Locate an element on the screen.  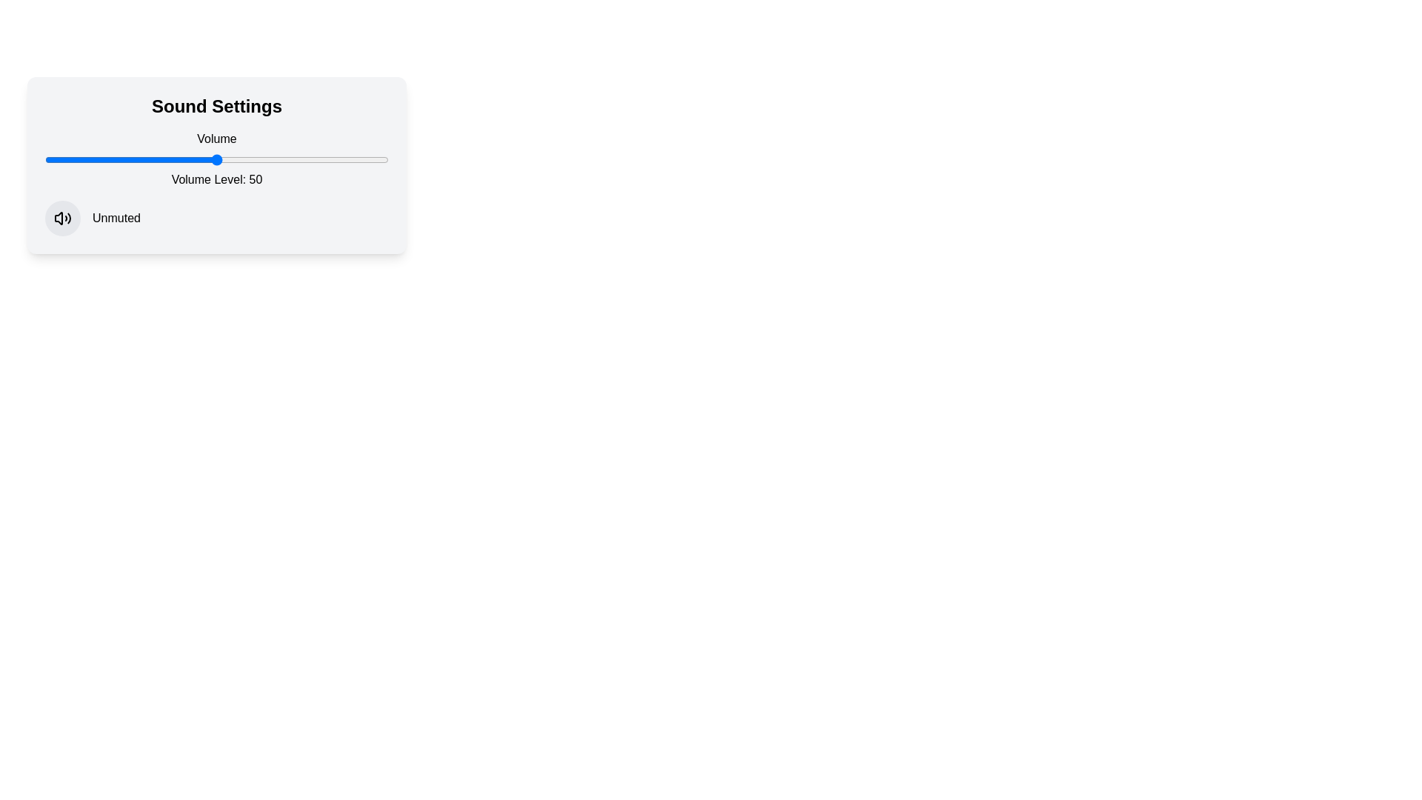
the volume level is located at coordinates (55, 160).